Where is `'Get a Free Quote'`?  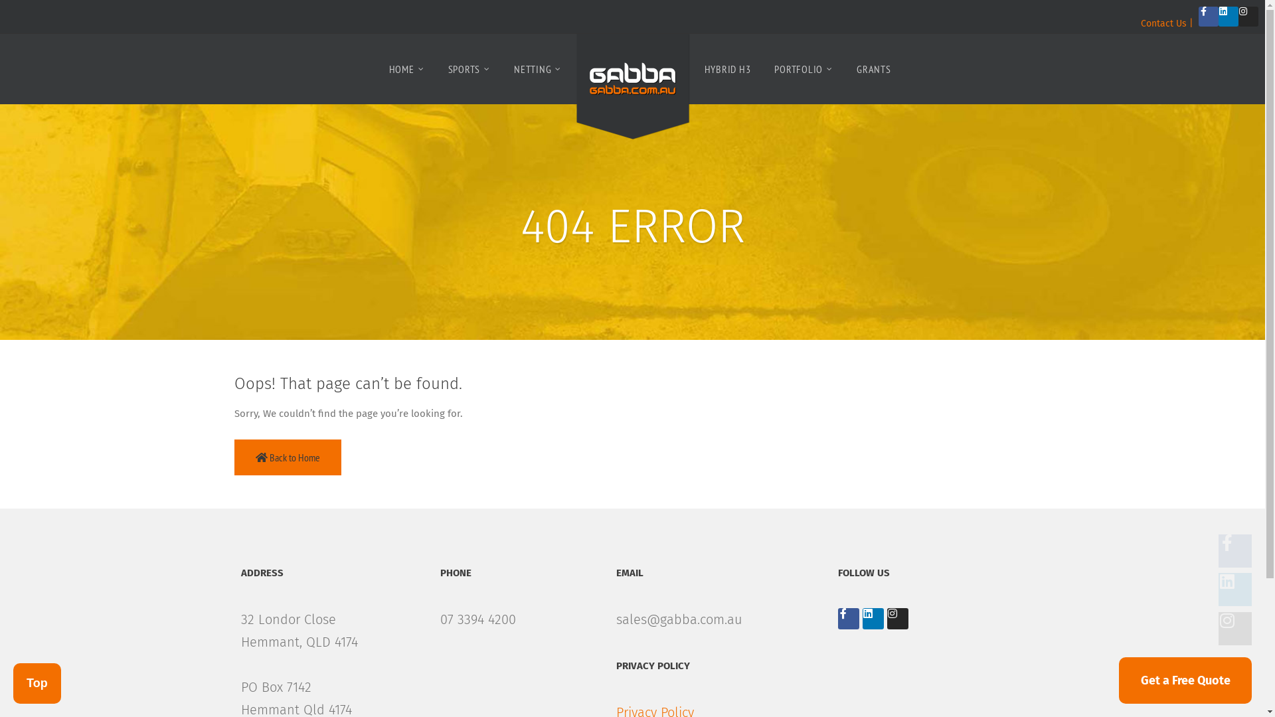
'Get a Free Quote' is located at coordinates (1118, 680).